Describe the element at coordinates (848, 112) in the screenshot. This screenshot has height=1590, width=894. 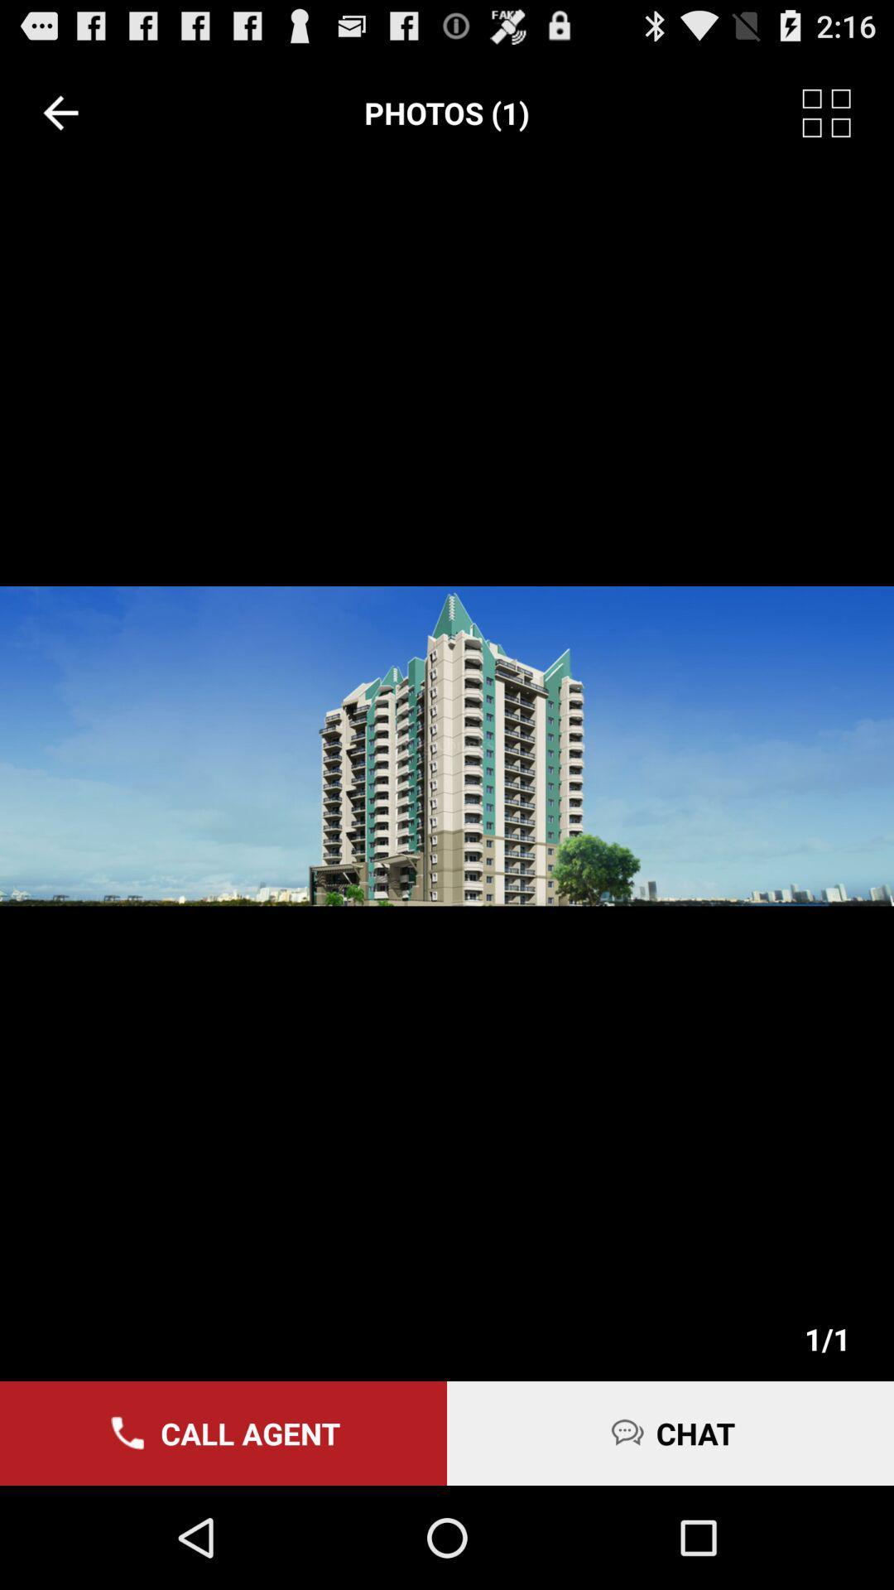
I see `go full screen` at that location.